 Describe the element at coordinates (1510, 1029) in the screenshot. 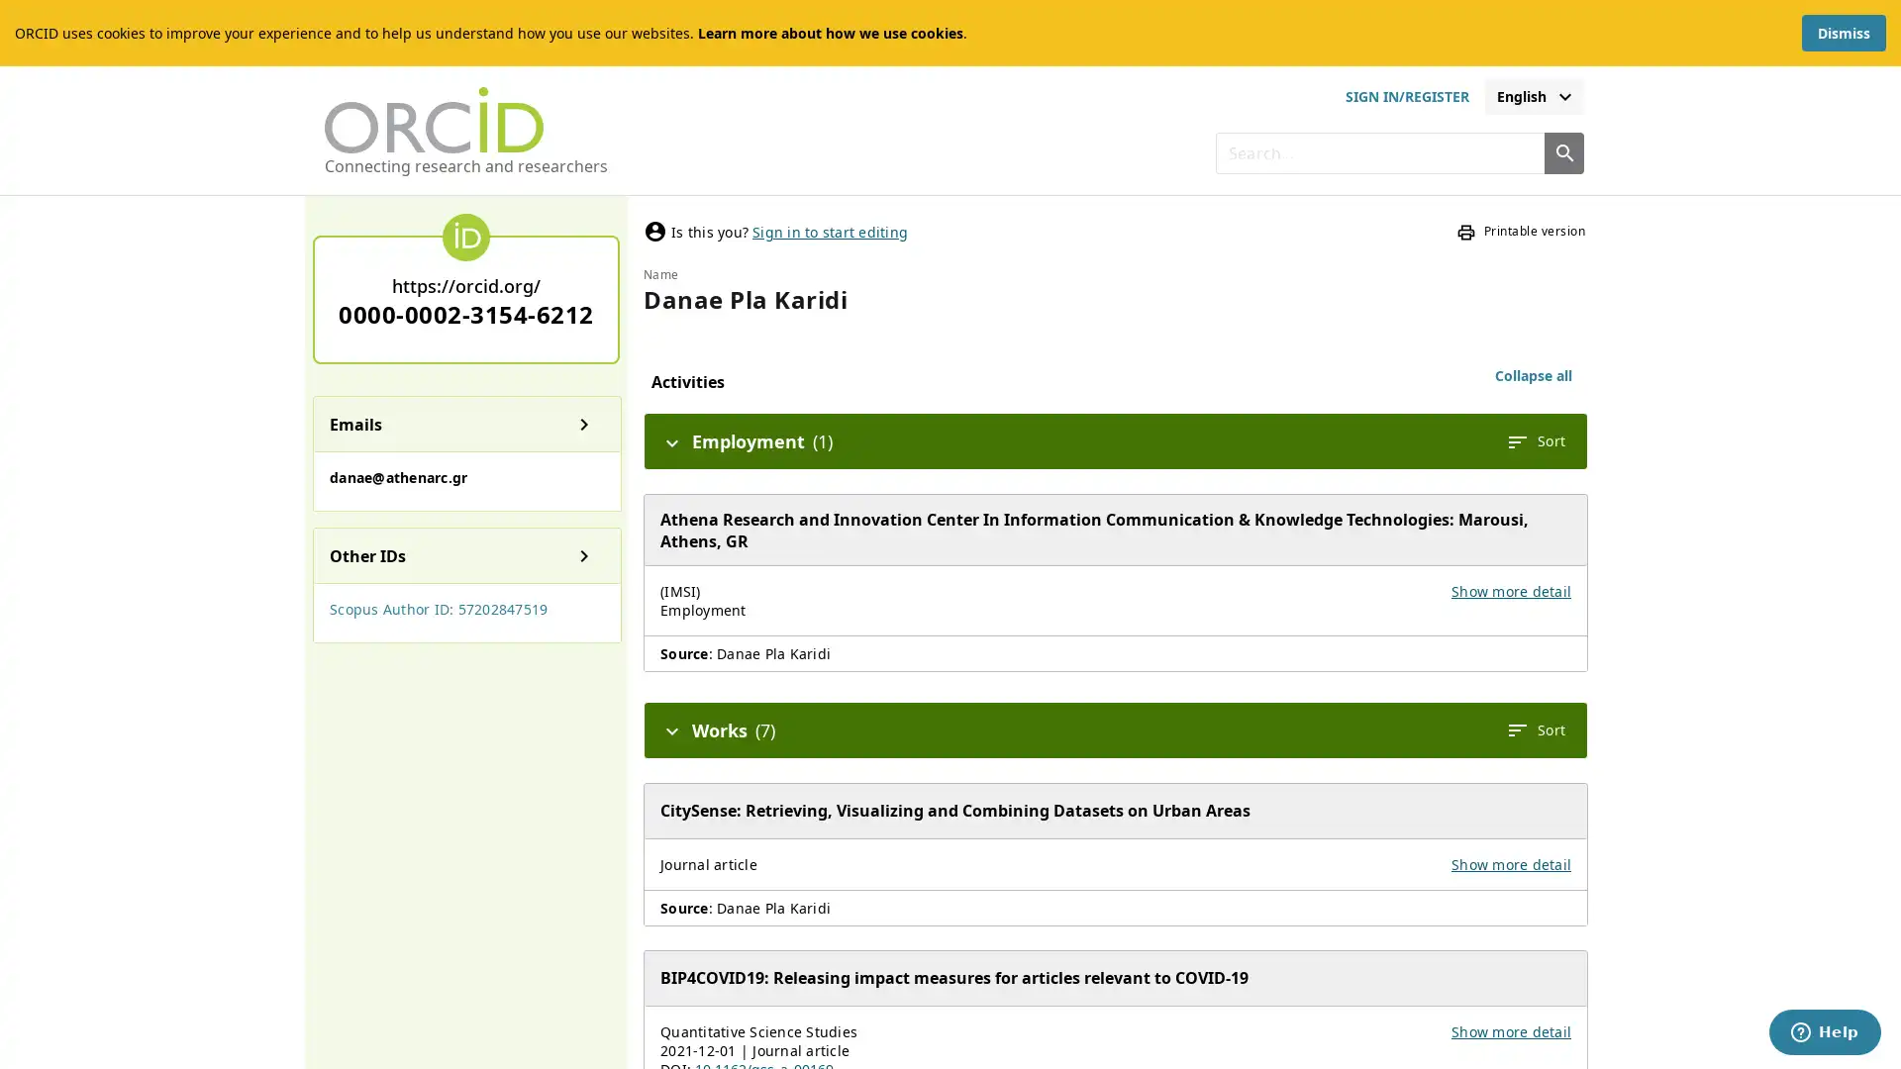

I see `Show more detail` at that location.